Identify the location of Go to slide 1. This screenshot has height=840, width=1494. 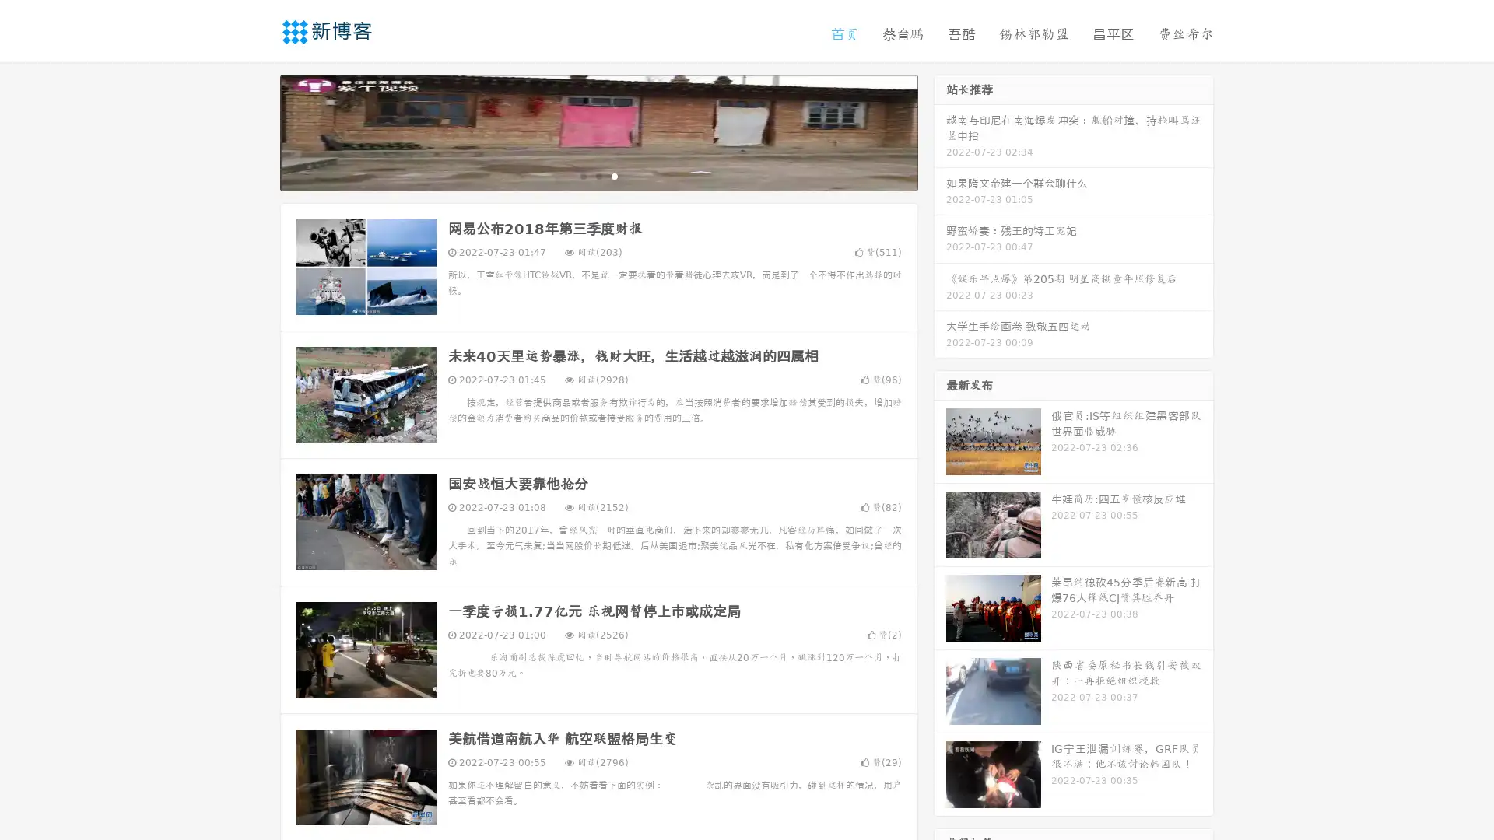
(582, 175).